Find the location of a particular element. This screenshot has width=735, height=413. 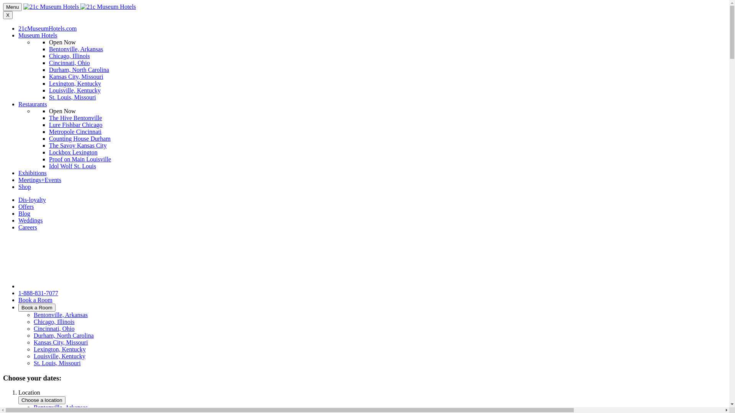

'Dis-loyalty' is located at coordinates (31, 199).